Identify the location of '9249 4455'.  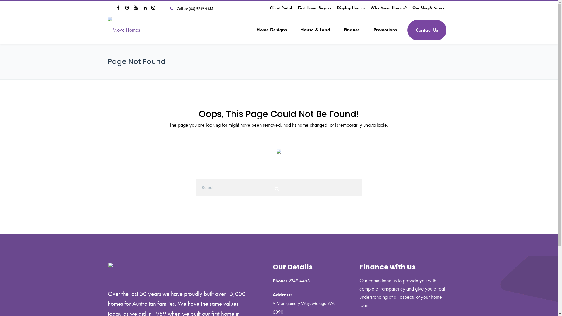
(299, 280).